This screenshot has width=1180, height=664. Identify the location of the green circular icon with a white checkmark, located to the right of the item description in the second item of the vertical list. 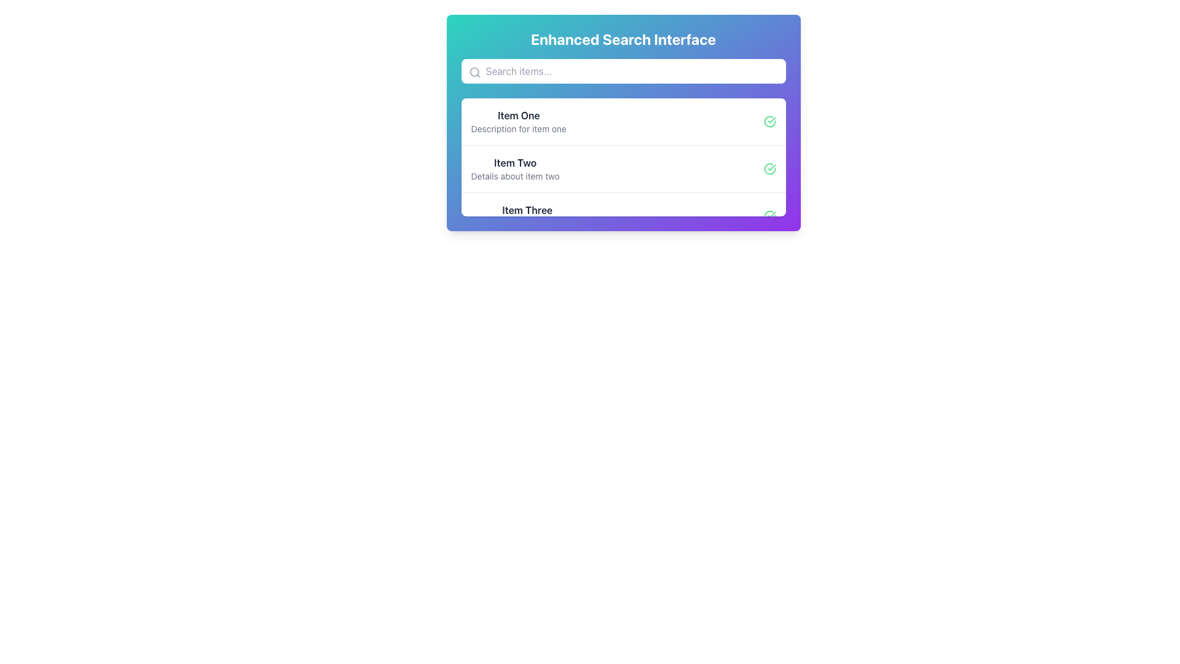
(769, 168).